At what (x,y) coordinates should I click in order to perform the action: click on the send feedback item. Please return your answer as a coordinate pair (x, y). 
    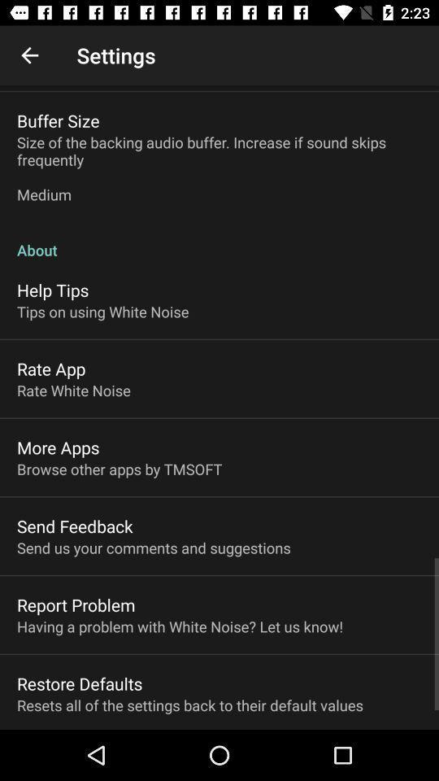
    Looking at the image, I should click on (74, 525).